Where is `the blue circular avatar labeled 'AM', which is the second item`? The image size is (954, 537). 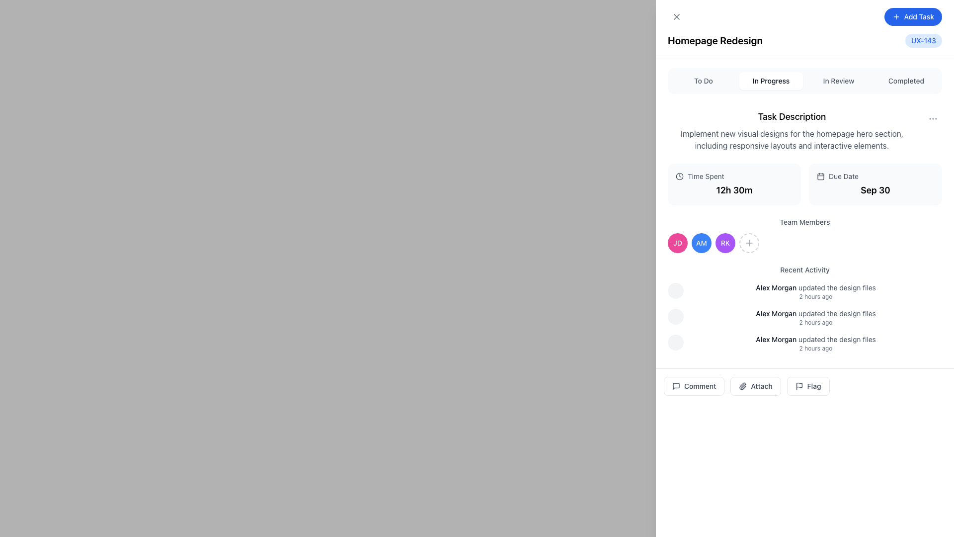 the blue circular avatar labeled 'AM', which is the second item is located at coordinates (701, 243).